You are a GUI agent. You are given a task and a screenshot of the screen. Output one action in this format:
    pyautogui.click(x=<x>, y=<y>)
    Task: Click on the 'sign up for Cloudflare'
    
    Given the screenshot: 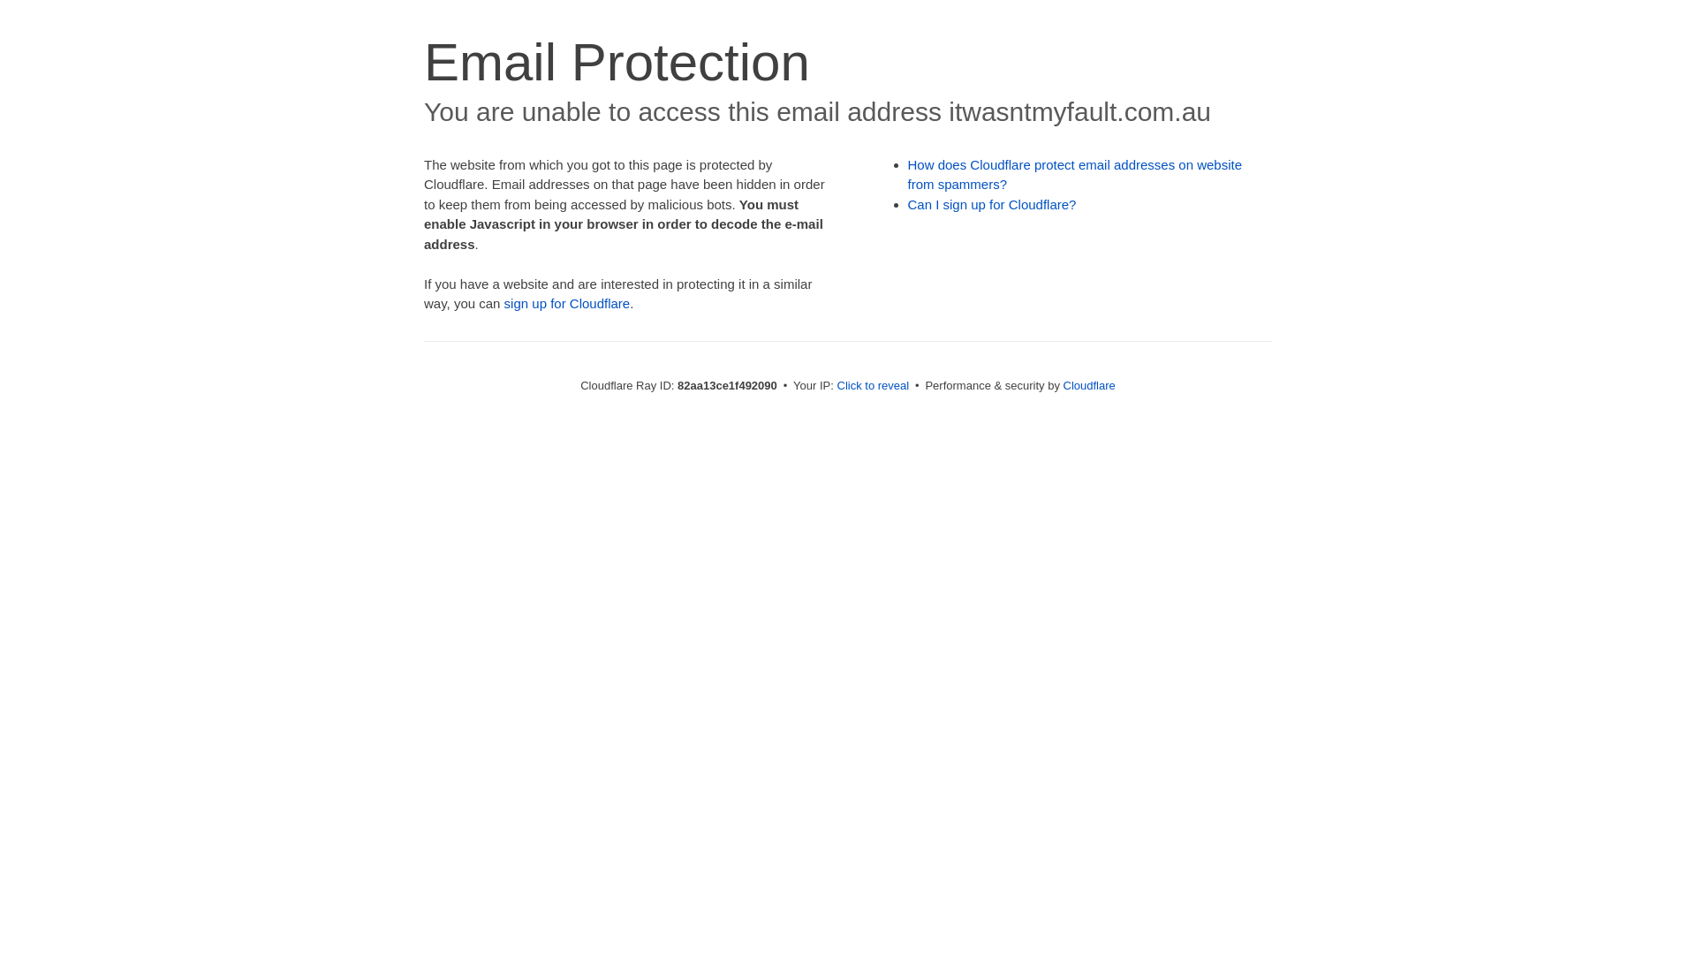 What is the action you would take?
    pyautogui.click(x=567, y=302)
    